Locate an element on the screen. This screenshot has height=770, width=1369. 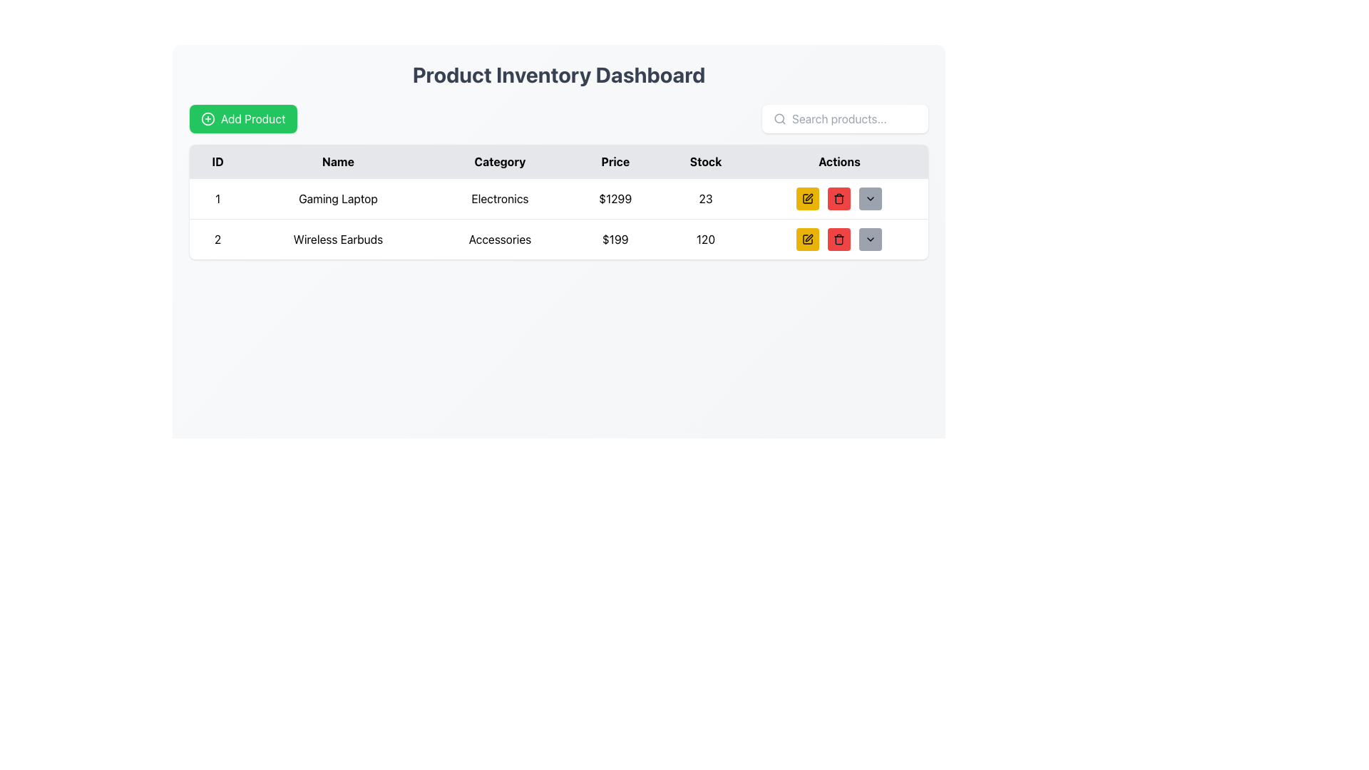
the header label 'Category', which is the third cell in the header row of the table, located between 'Name' and 'Price' in the Product Inventory Dashboard is located at coordinates (500, 161).